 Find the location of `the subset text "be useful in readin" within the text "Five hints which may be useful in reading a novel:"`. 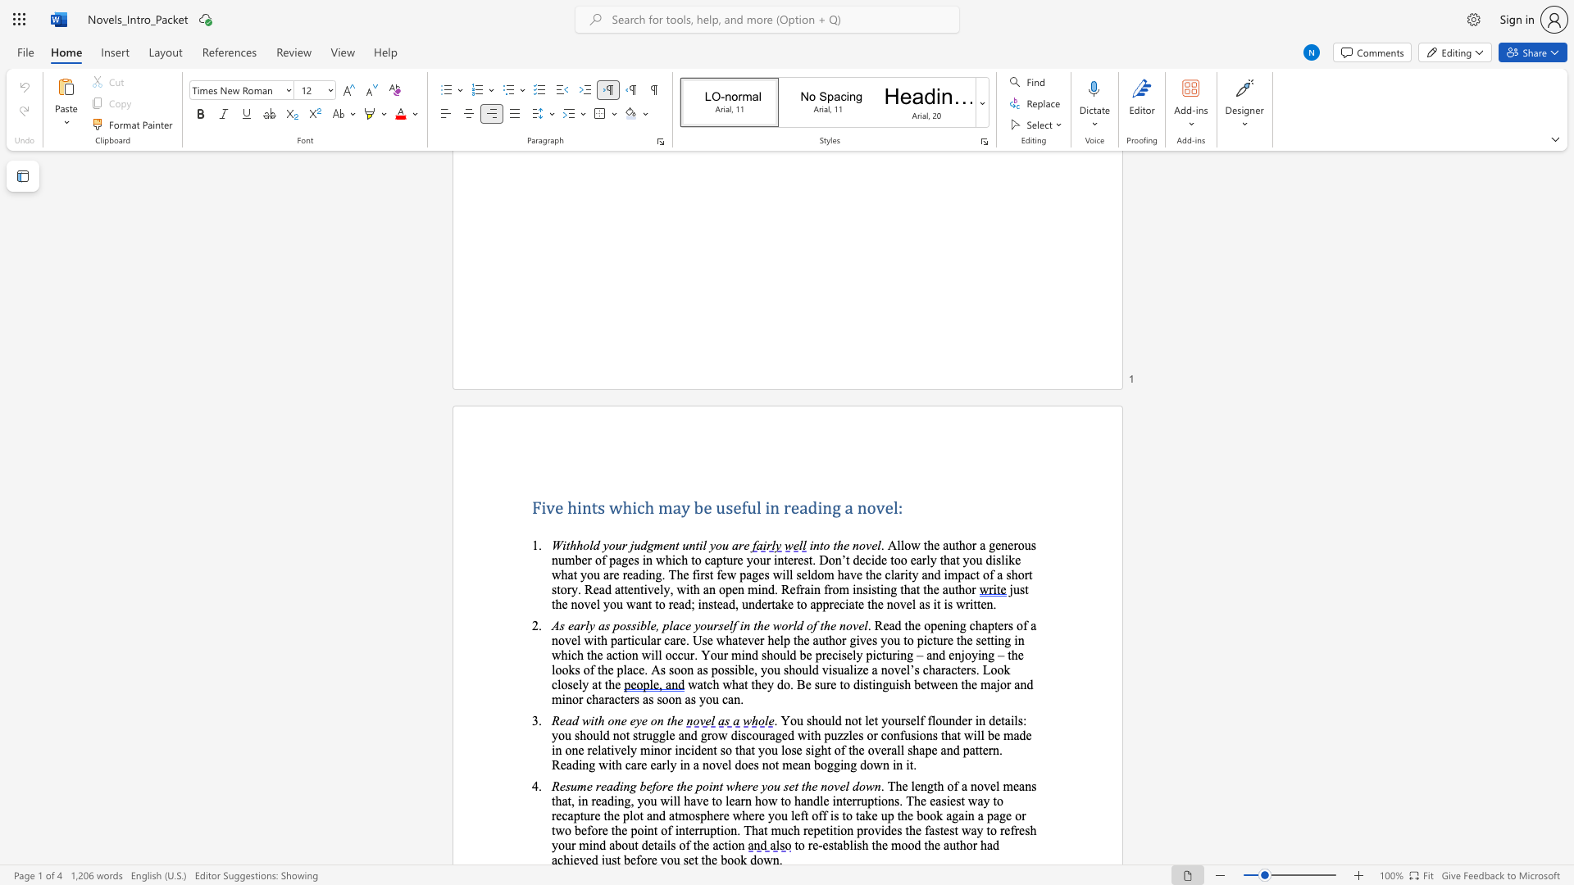

the subset text "be useful in readin" within the text "Five hints which may be useful in reading a novel:" is located at coordinates (694, 506).